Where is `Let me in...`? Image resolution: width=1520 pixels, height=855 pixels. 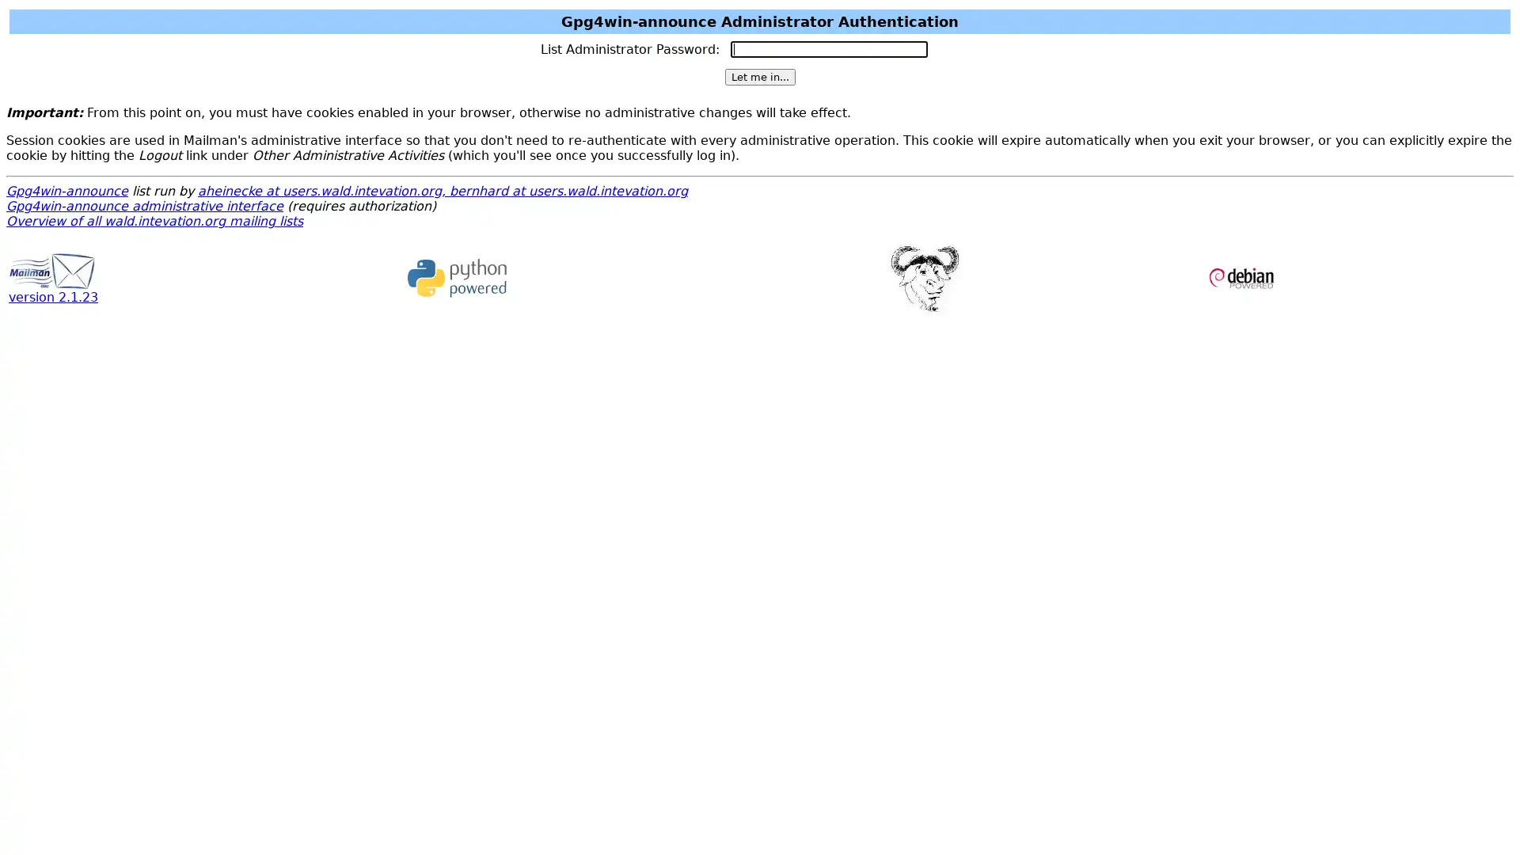
Let me in... is located at coordinates (758, 77).